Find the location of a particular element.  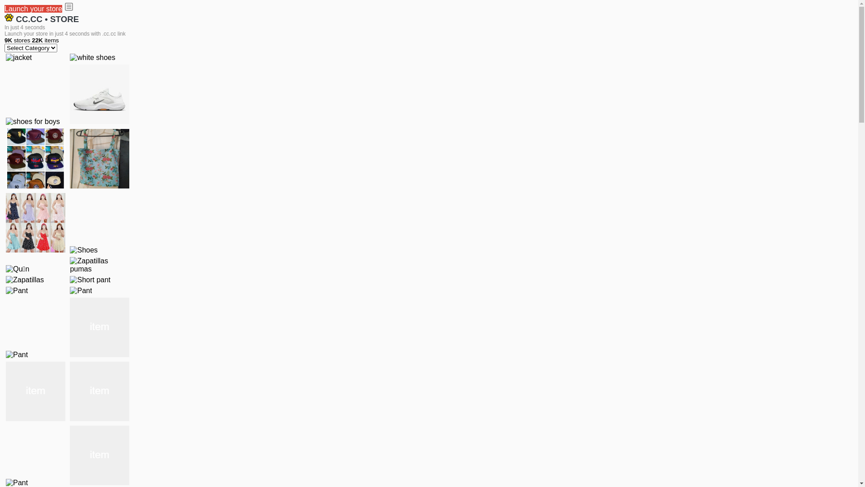

'Launch your store' is located at coordinates (33, 9).